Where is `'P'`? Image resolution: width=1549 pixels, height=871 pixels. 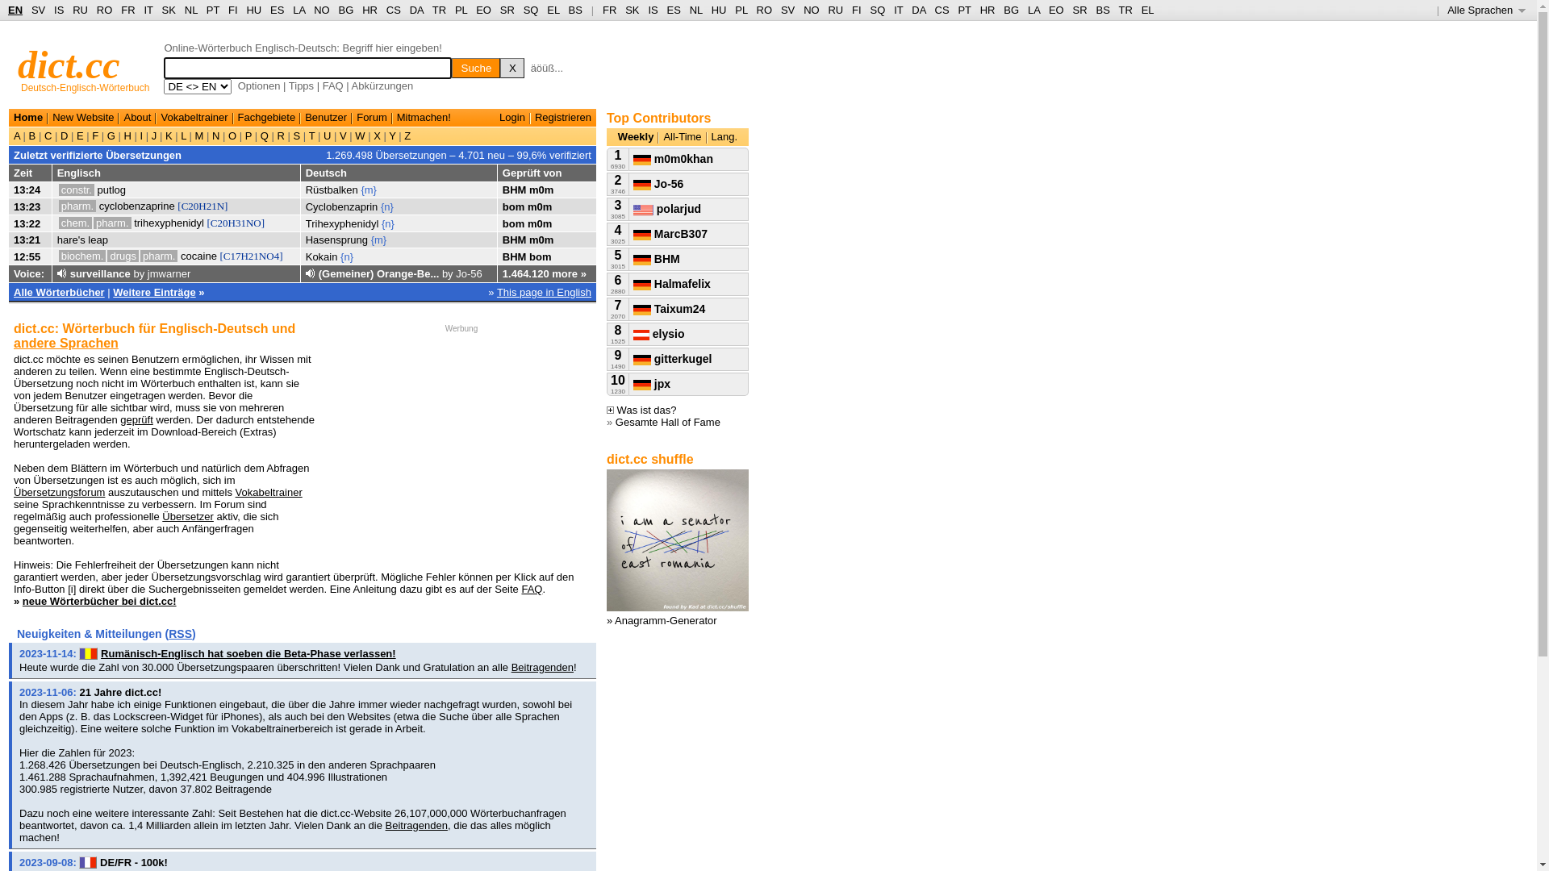 'P' is located at coordinates (247, 135).